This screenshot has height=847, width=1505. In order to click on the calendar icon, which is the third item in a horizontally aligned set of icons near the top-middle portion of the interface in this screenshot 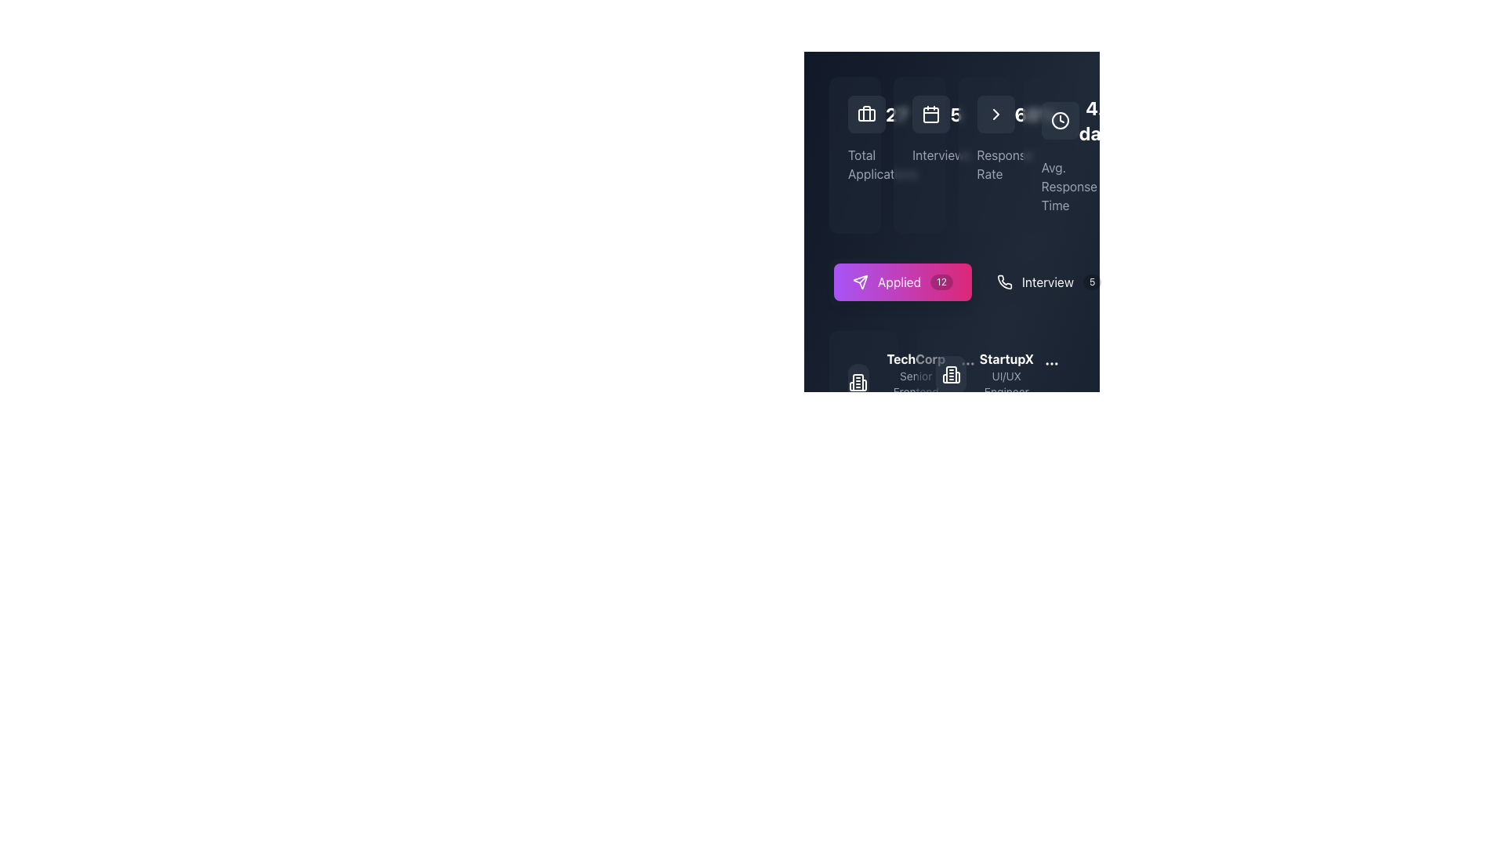, I will do `click(931, 114)`.